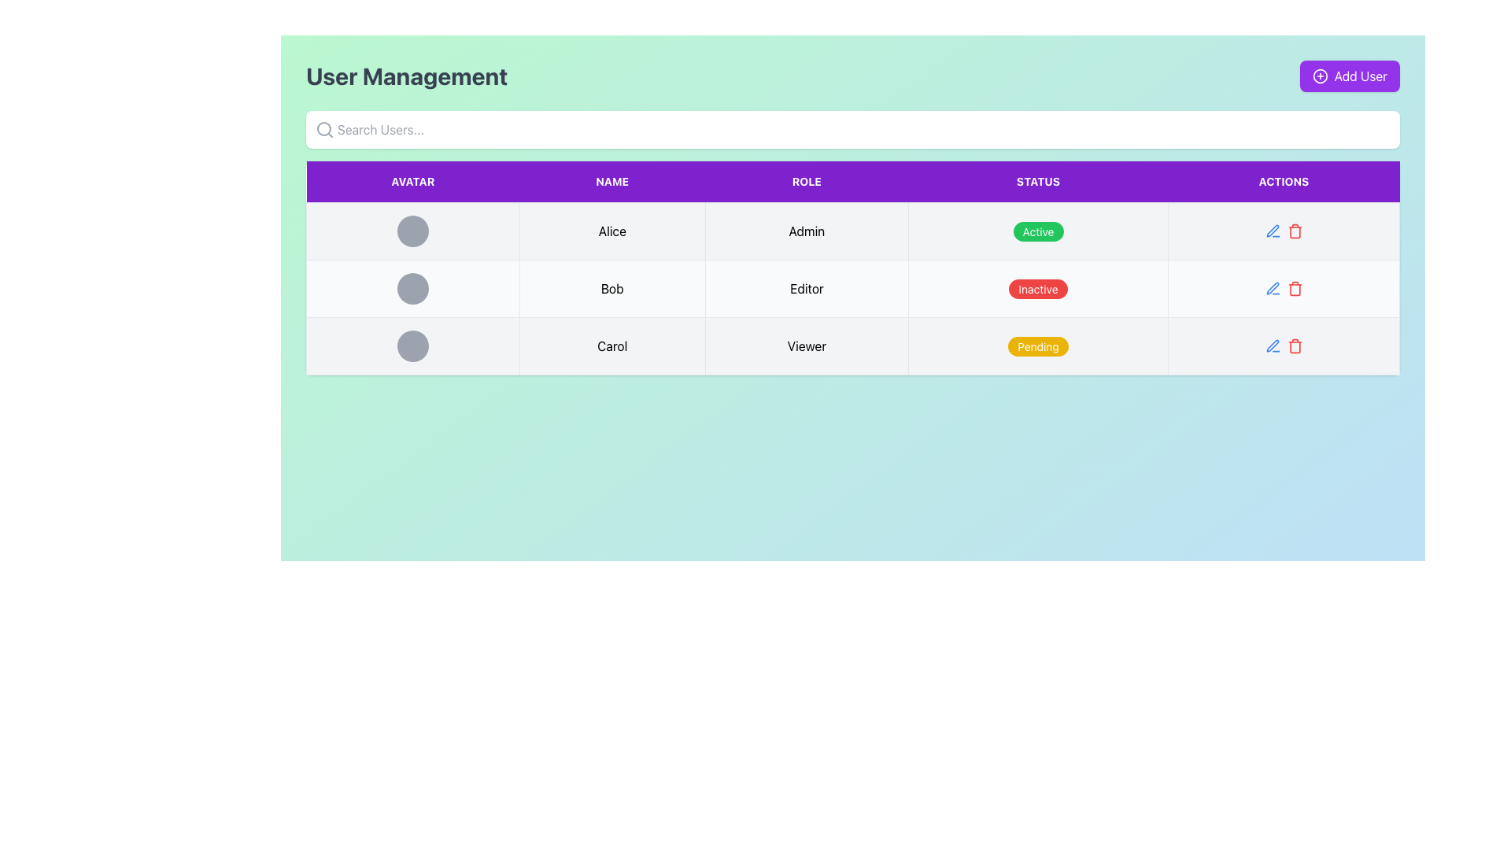 This screenshot has width=1511, height=850. I want to click on the green rounded rectangle Status Indicator labeled 'Active' in the Status column for user 'Alice' (Admin), so click(1038, 231).